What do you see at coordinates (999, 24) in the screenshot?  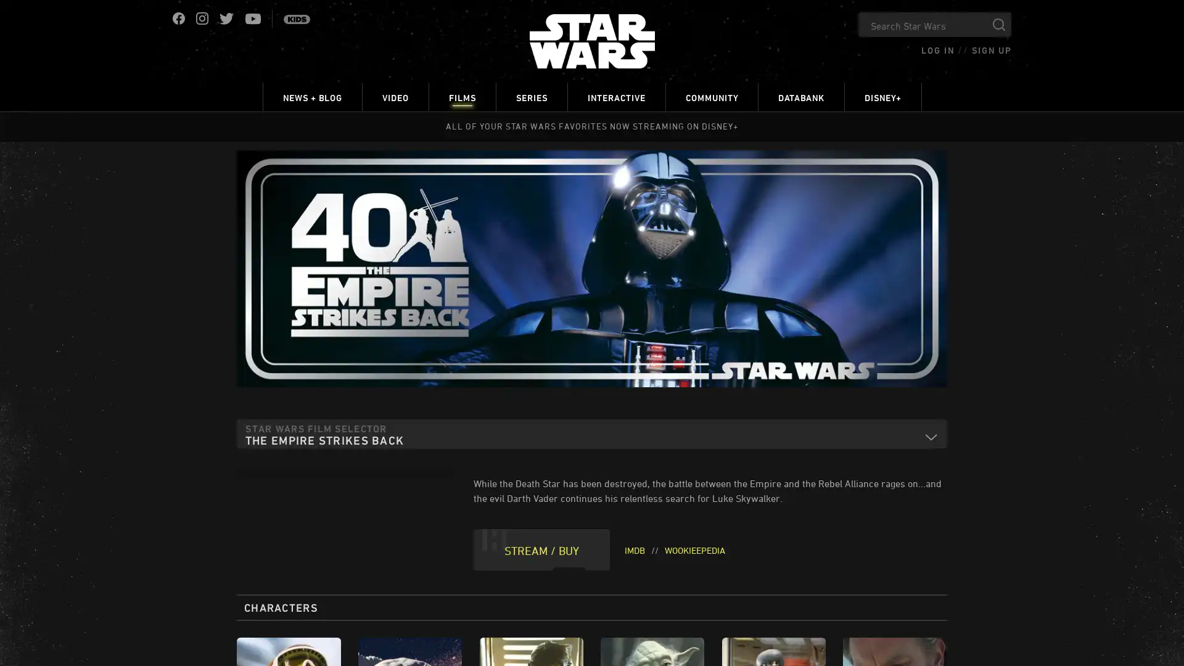 I see `Open Search` at bounding box center [999, 24].